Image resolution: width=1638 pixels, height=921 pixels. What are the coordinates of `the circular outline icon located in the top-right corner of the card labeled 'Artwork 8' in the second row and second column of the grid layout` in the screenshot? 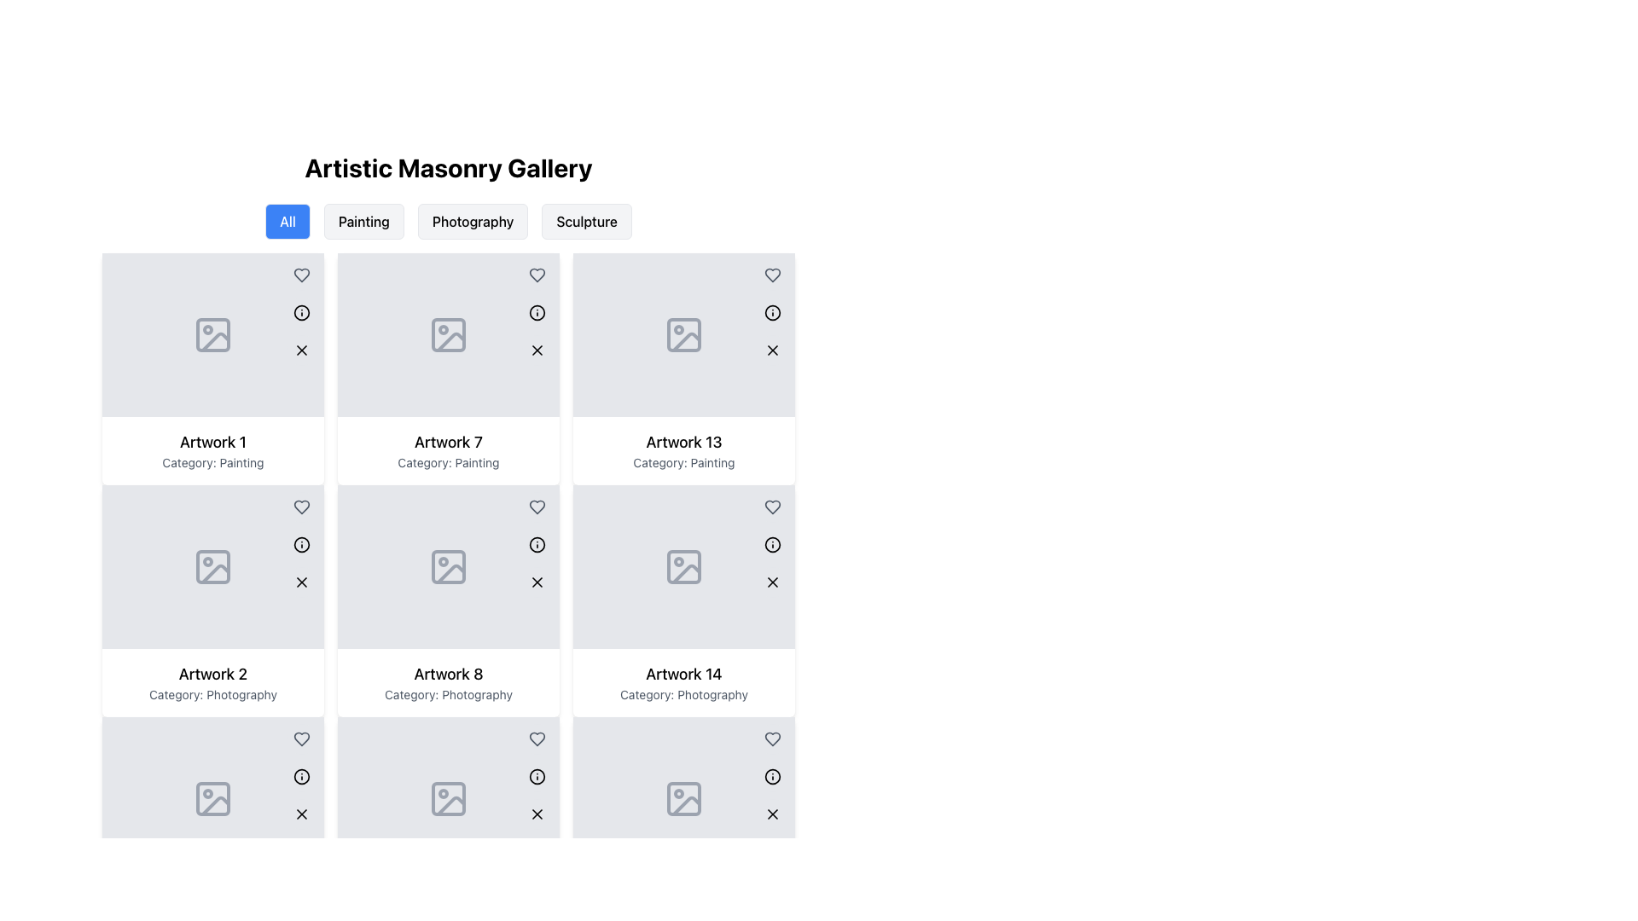 It's located at (536, 545).